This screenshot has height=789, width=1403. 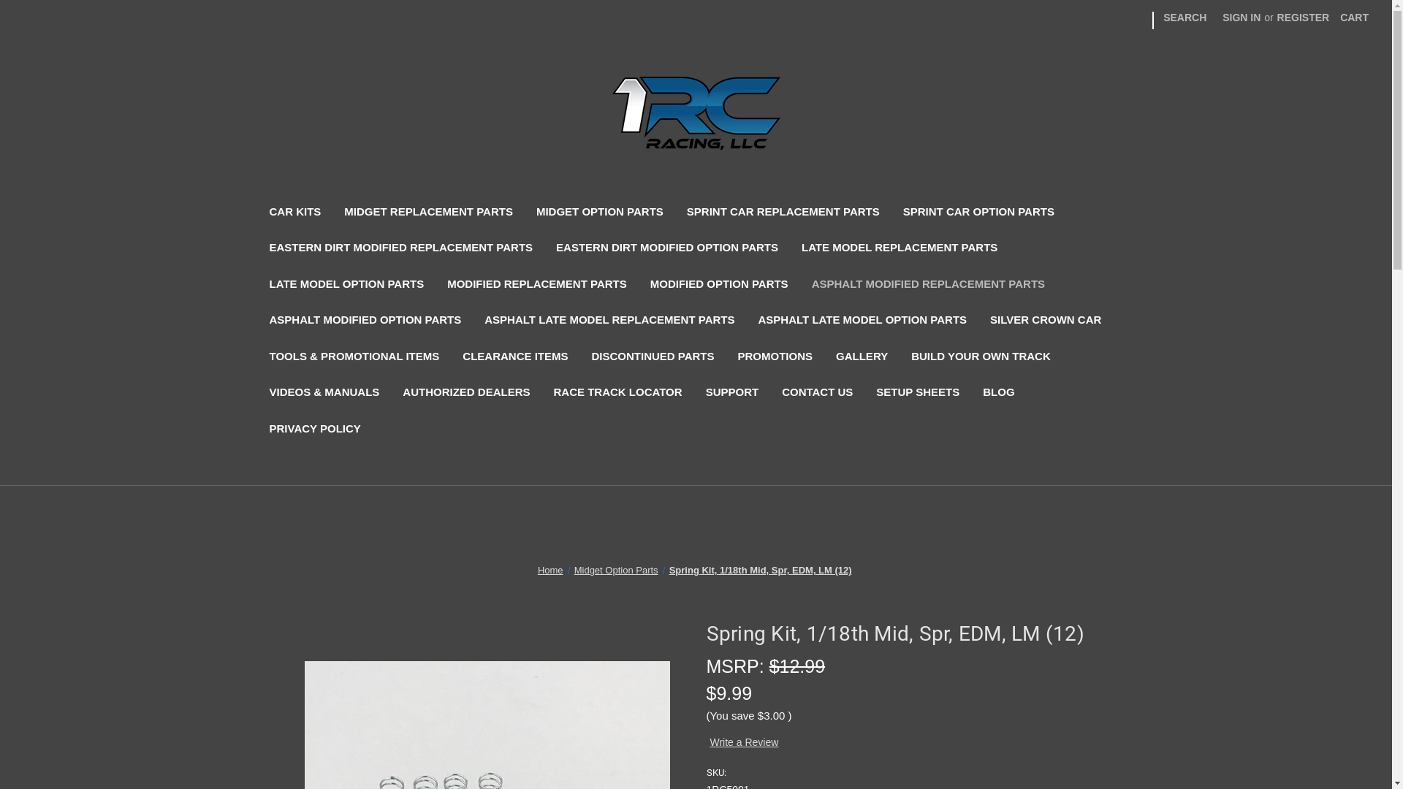 What do you see at coordinates (898, 248) in the screenshot?
I see `'LATE MODEL REPLACEMENT PARTS'` at bounding box center [898, 248].